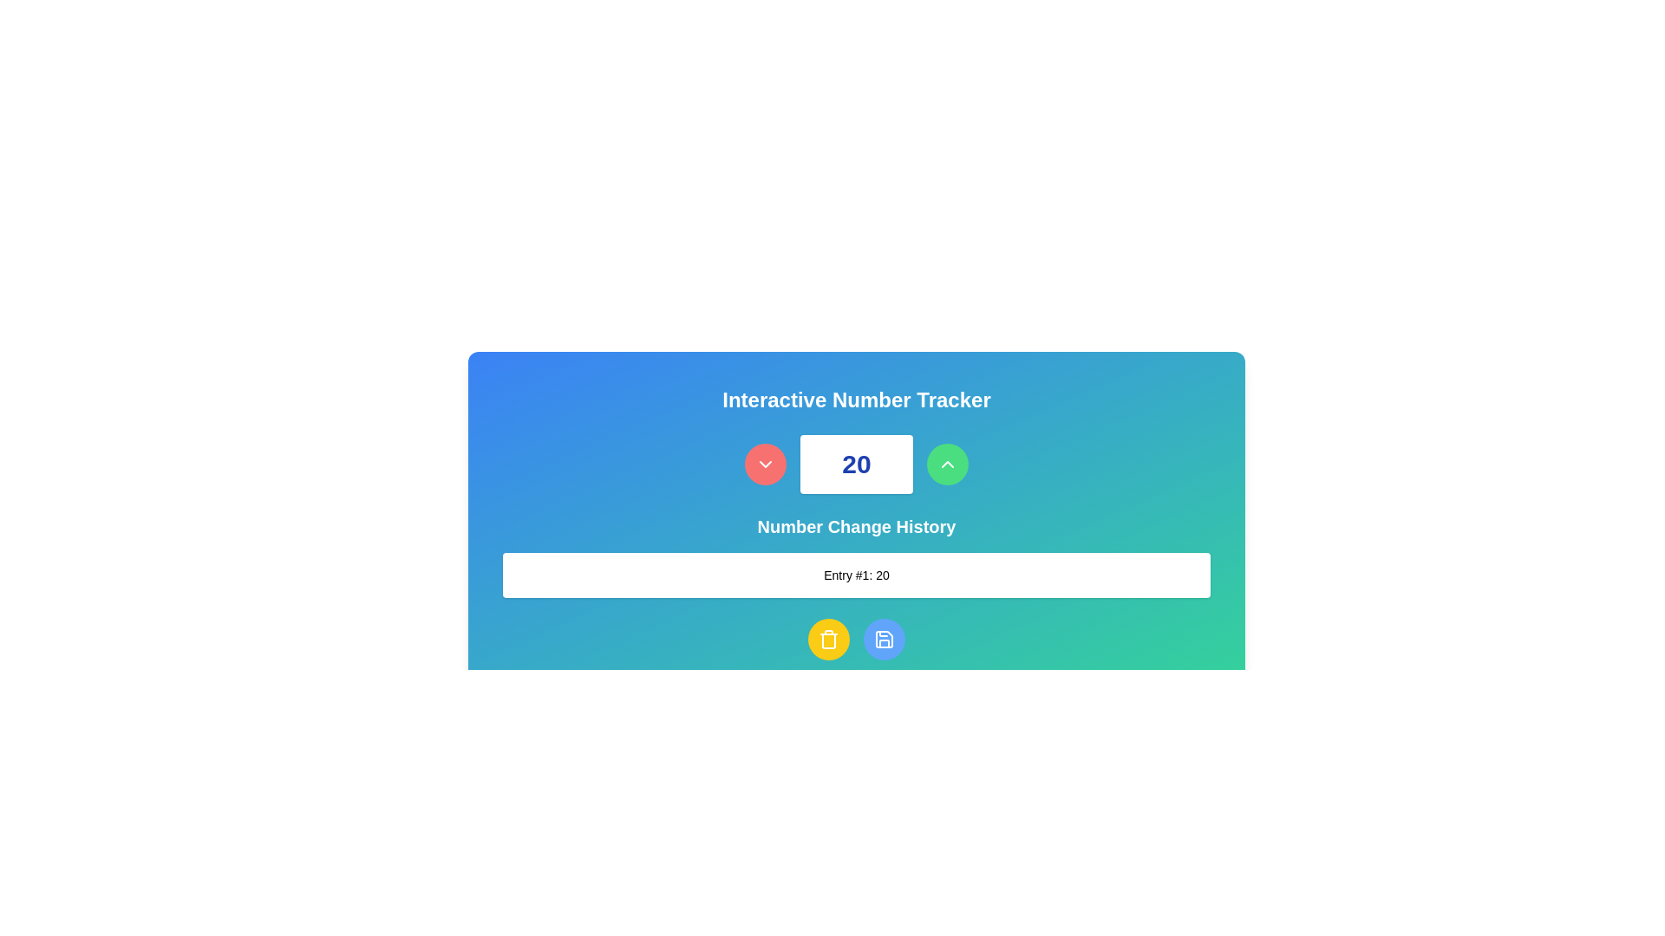 The image size is (1665, 936). What do you see at coordinates (946, 464) in the screenshot?
I see `the upward-pointing chevron icon, which is styled with a green background and white stroke, located within the green circular button to the right of the number input field labeled '20'` at bounding box center [946, 464].